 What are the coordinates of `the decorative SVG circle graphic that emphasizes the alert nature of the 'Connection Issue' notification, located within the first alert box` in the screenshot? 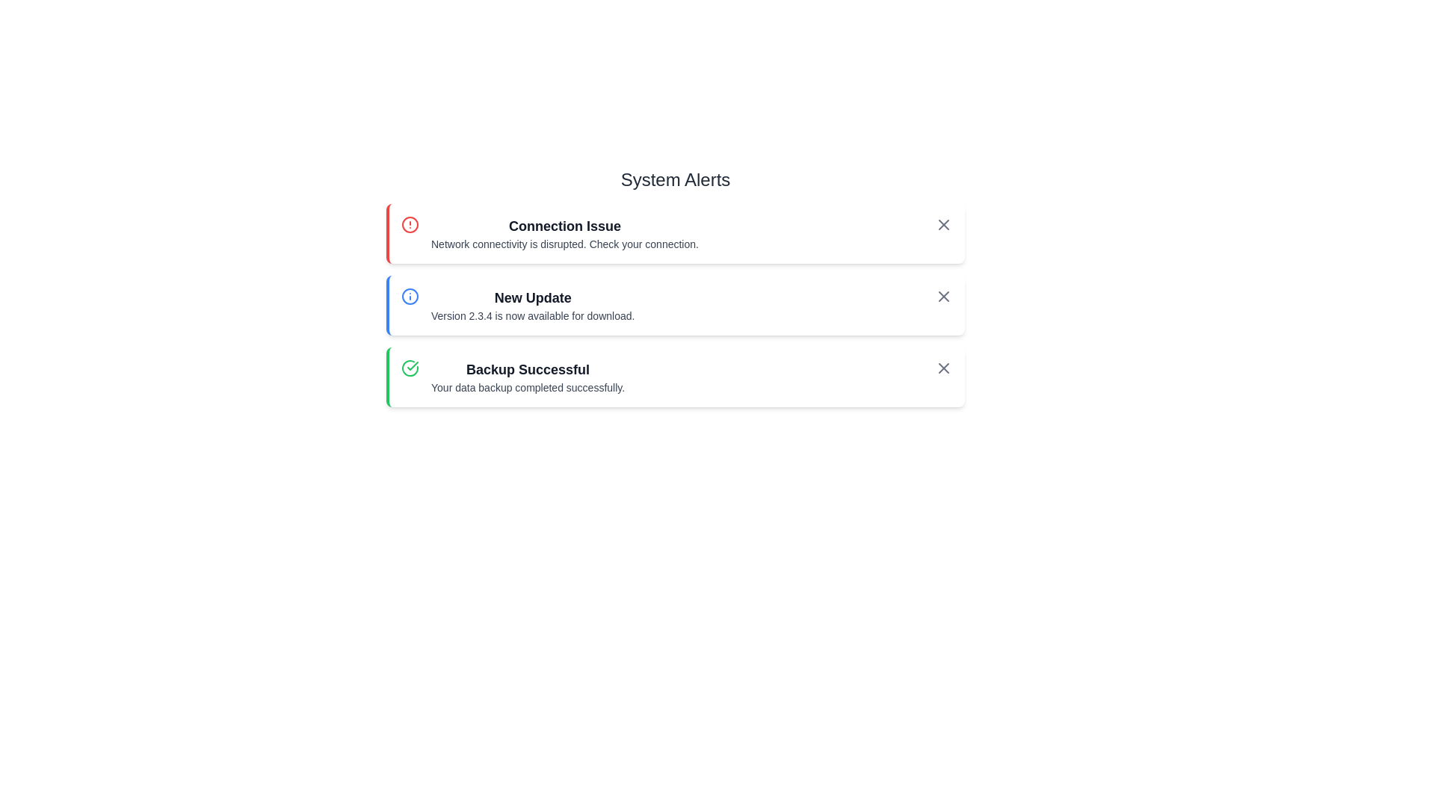 It's located at (410, 224).